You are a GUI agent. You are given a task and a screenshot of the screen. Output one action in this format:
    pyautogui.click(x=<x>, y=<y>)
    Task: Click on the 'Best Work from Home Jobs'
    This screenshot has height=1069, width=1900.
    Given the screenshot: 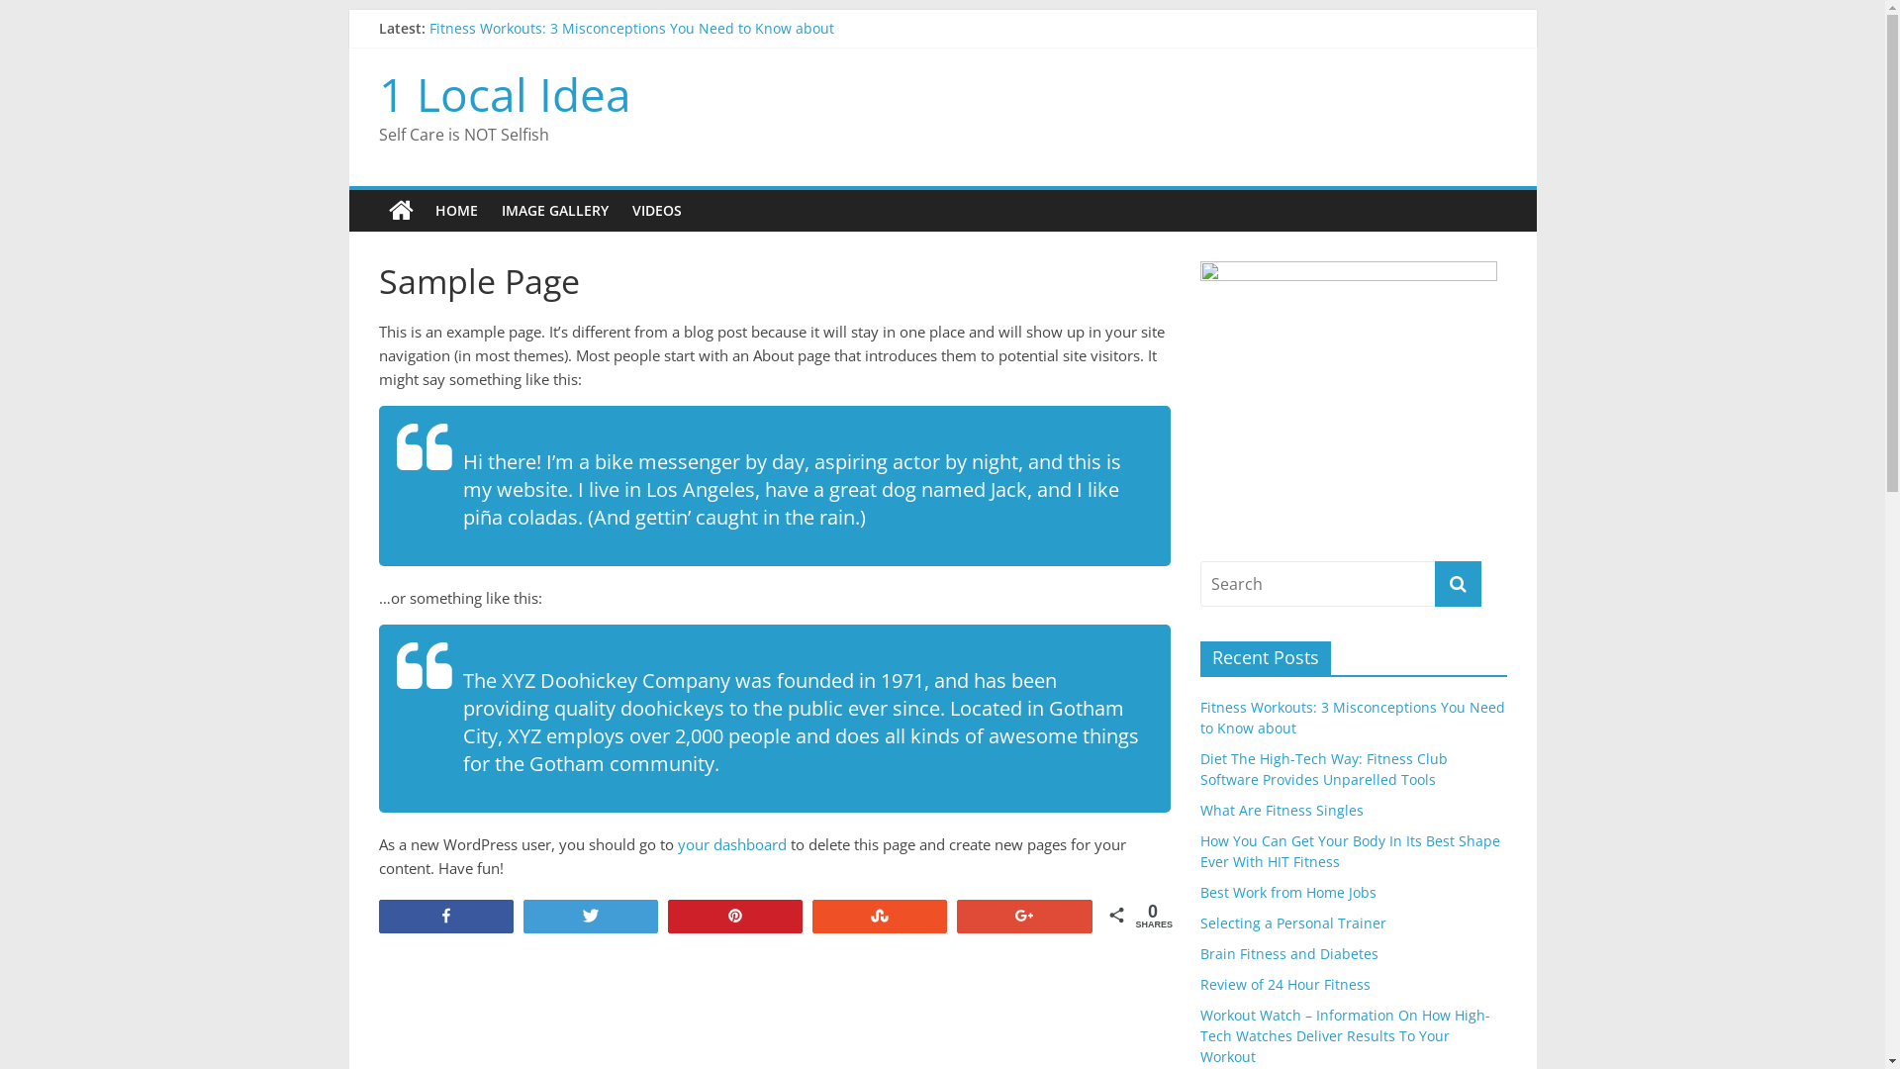 What is the action you would take?
    pyautogui.click(x=1286, y=892)
    